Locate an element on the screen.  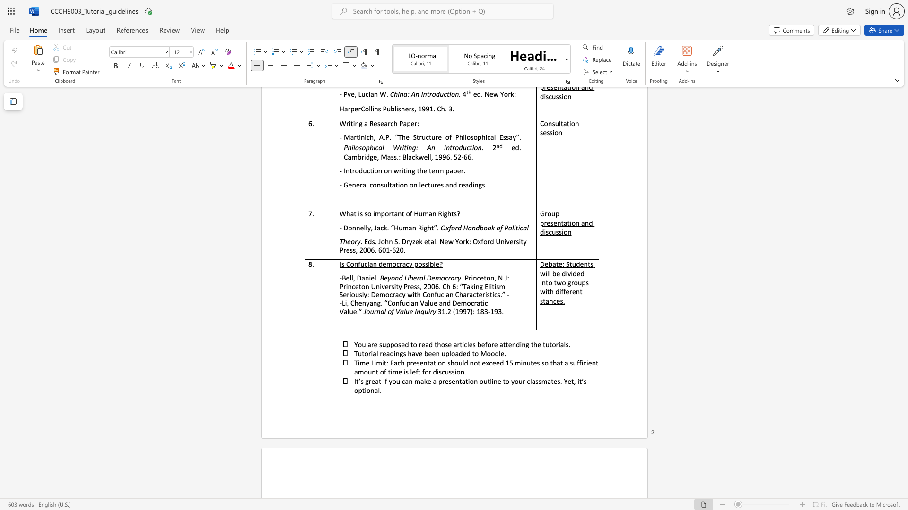
the subset text "cy" within the text "Beyond Liberal Democracy" is located at coordinates (454, 277).